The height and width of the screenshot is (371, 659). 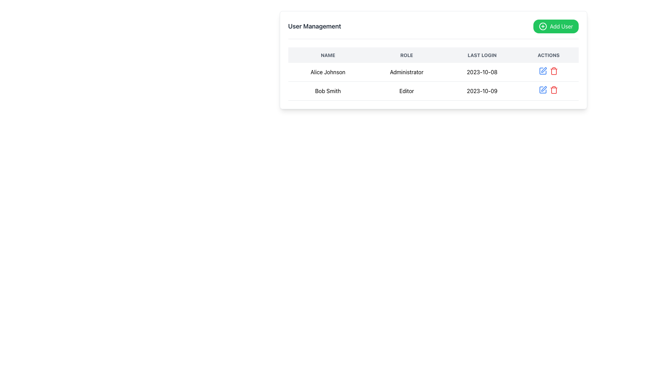 What do you see at coordinates (482, 72) in the screenshot?
I see `the non-interactive text label displaying the last login date for the user 'Alice Johnson' in the third column of the first row of the table` at bounding box center [482, 72].